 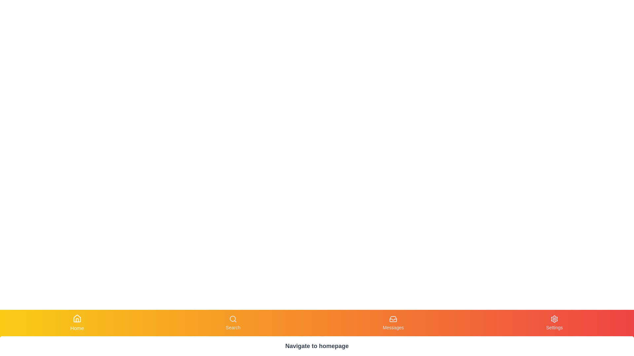 What do you see at coordinates (233, 322) in the screenshot?
I see `the Search button to observe visual changes` at bounding box center [233, 322].